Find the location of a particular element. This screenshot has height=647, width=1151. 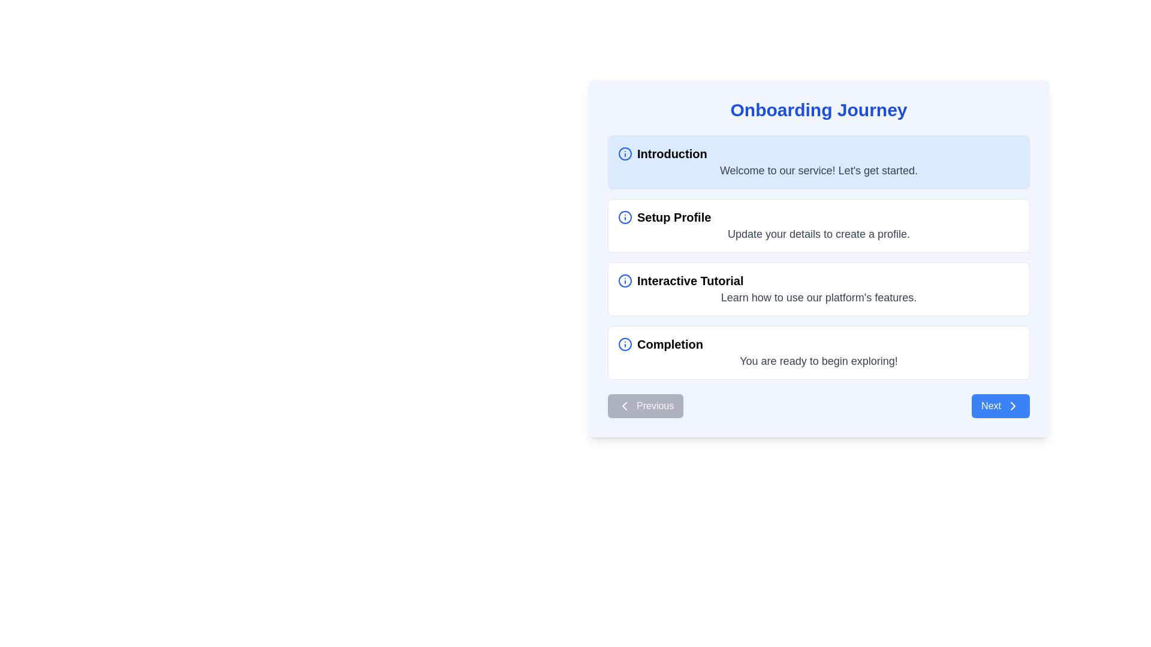

the navigation button located in the lower-right corner of the main panel to proceed to the next step in the workflow is located at coordinates (1001, 406).